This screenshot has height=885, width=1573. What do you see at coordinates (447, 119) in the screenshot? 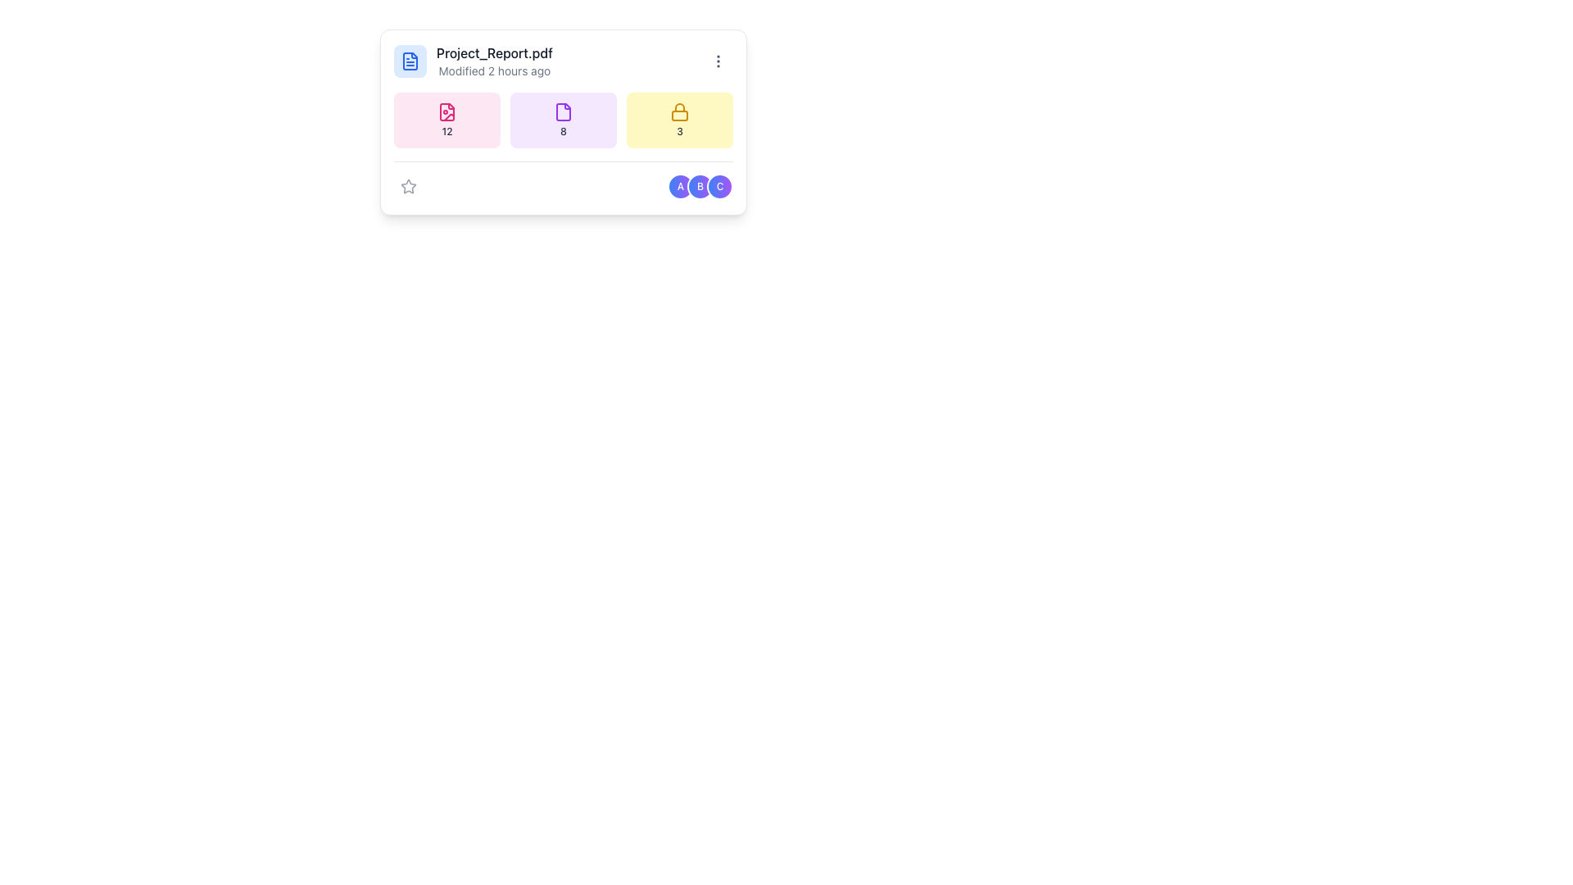
I see `the category tile labeled 'Images' with the item count '12'` at bounding box center [447, 119].